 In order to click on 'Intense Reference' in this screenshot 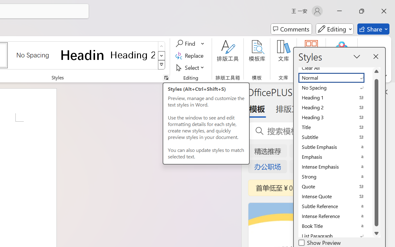, I will do `click(335, 216)`.